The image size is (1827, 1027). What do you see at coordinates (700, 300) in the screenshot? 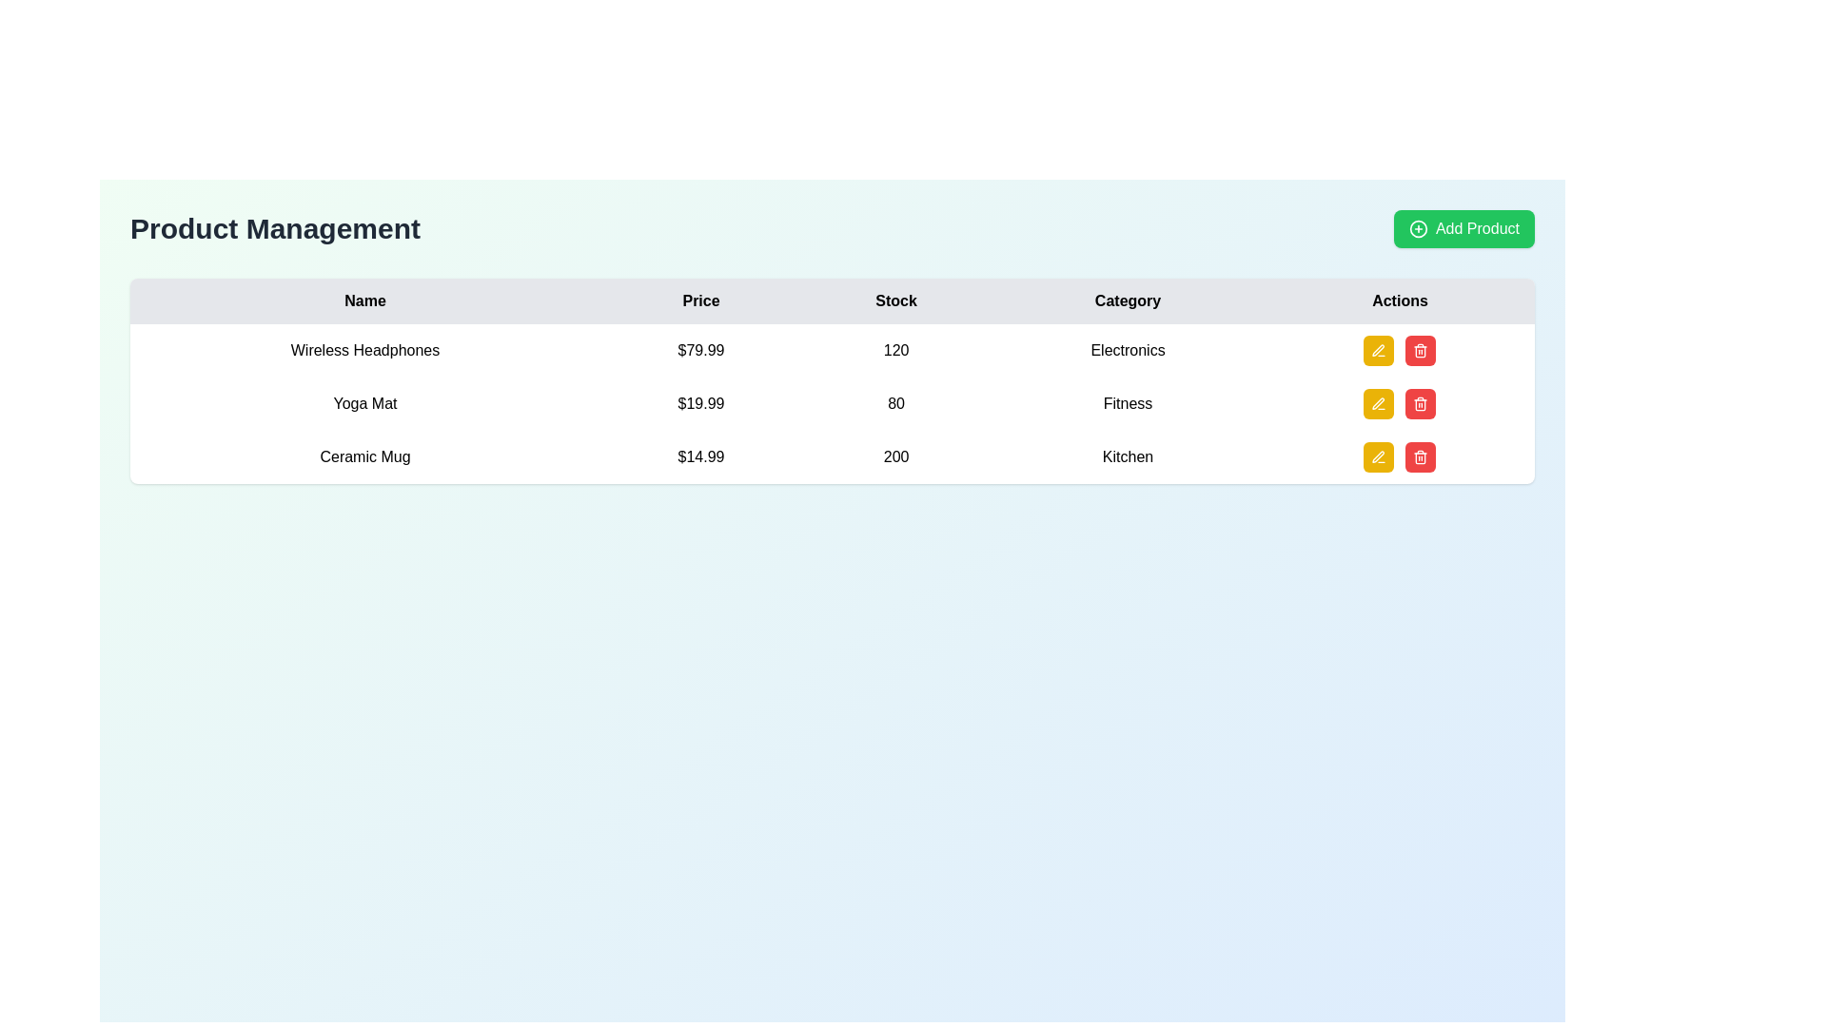
I see `the static text header labeled 'Price', which is centrally located in the upper-middle section of the interface between the 'Name' and 'Stock' columns` at bounding box center [700, 300].